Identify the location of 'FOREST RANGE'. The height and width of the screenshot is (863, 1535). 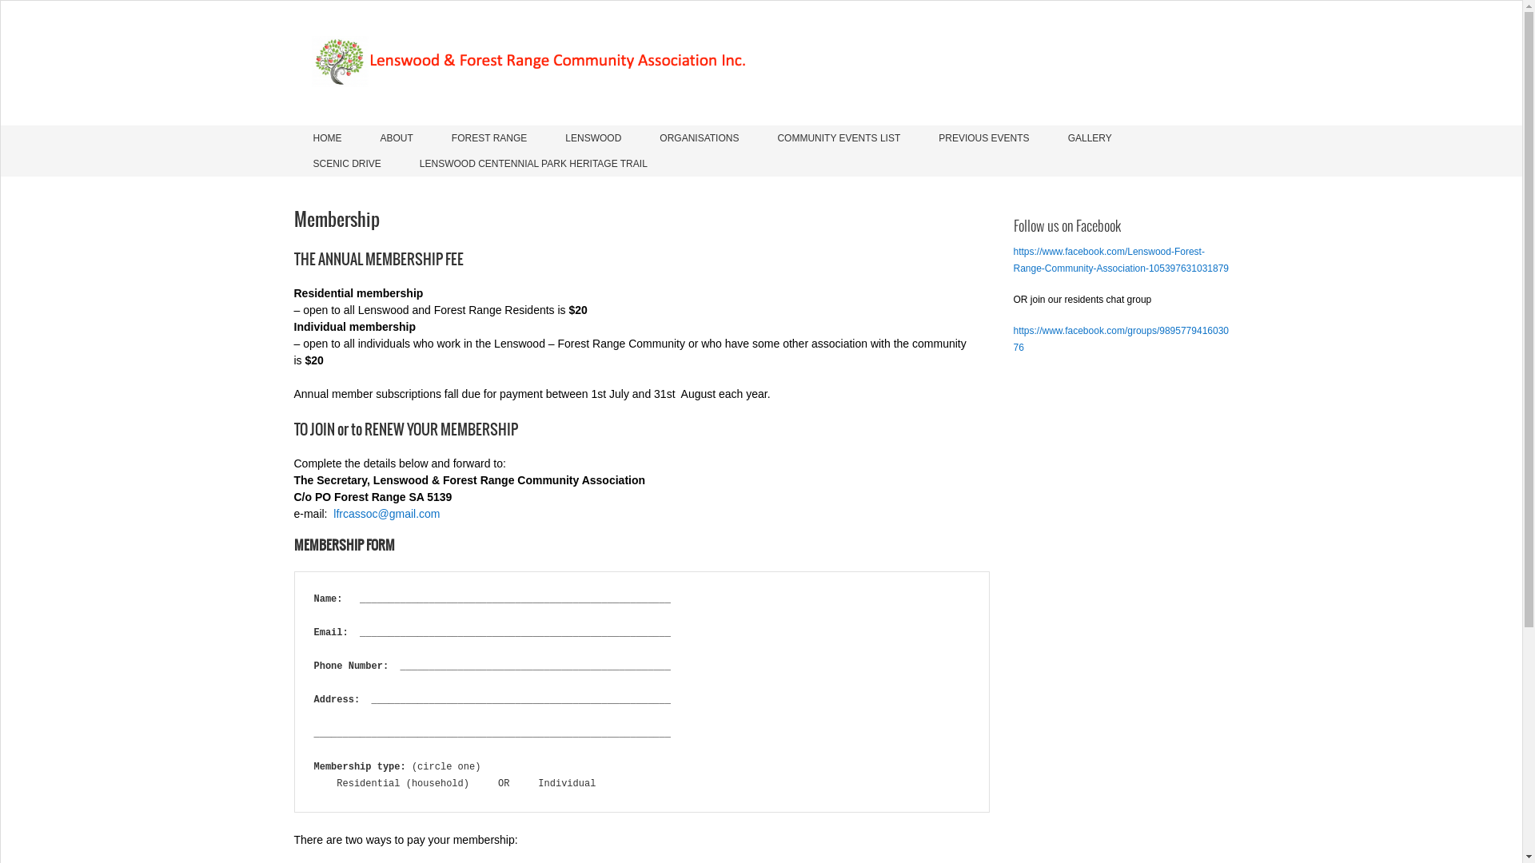
(488, 137).